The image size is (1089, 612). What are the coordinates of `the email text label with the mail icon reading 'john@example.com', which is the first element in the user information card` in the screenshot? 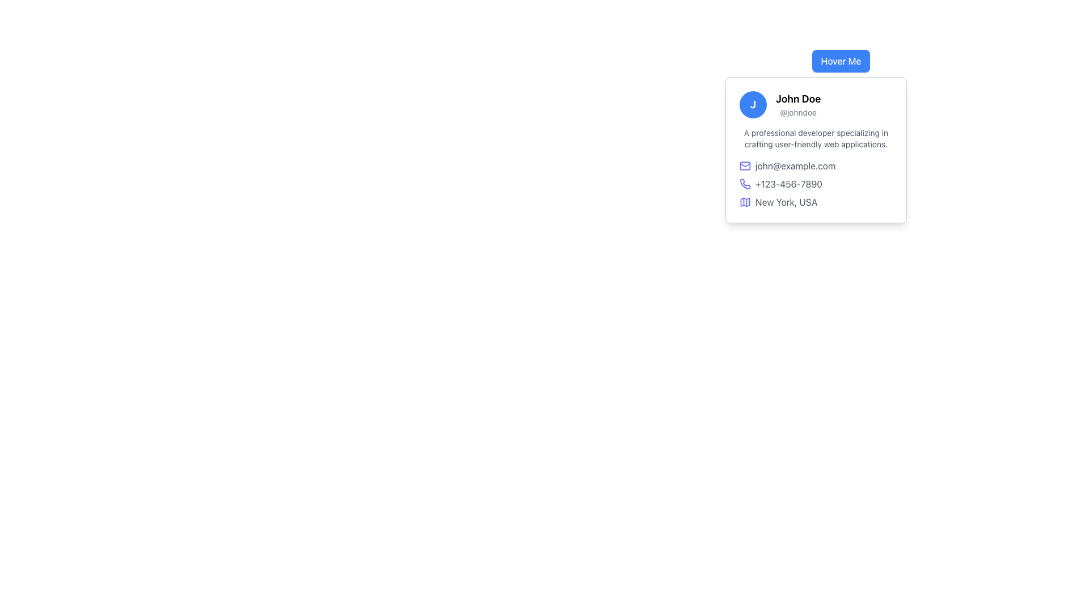 It's located at (816, 166).